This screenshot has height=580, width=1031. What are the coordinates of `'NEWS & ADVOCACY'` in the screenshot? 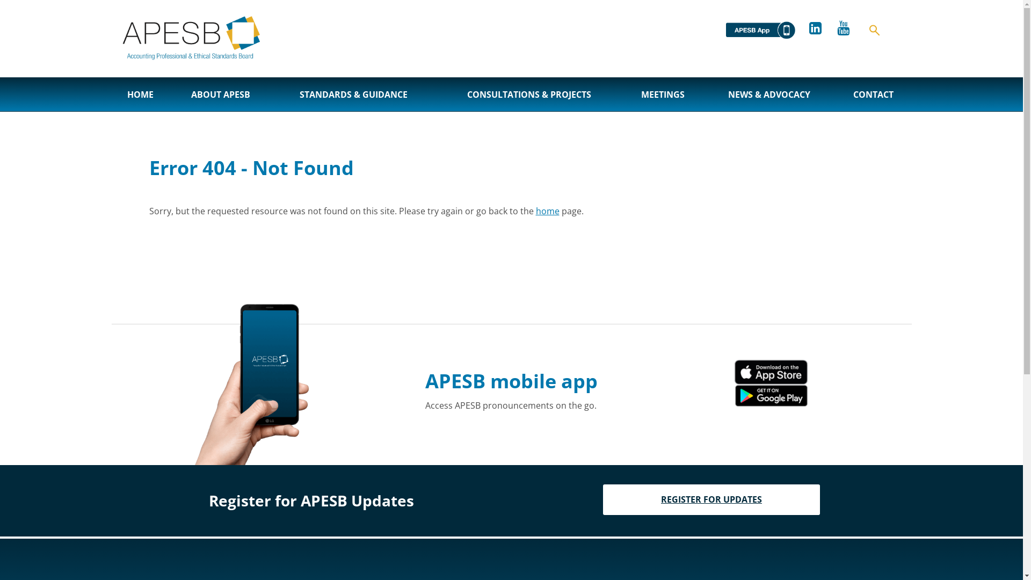 It's located at (703, 94).